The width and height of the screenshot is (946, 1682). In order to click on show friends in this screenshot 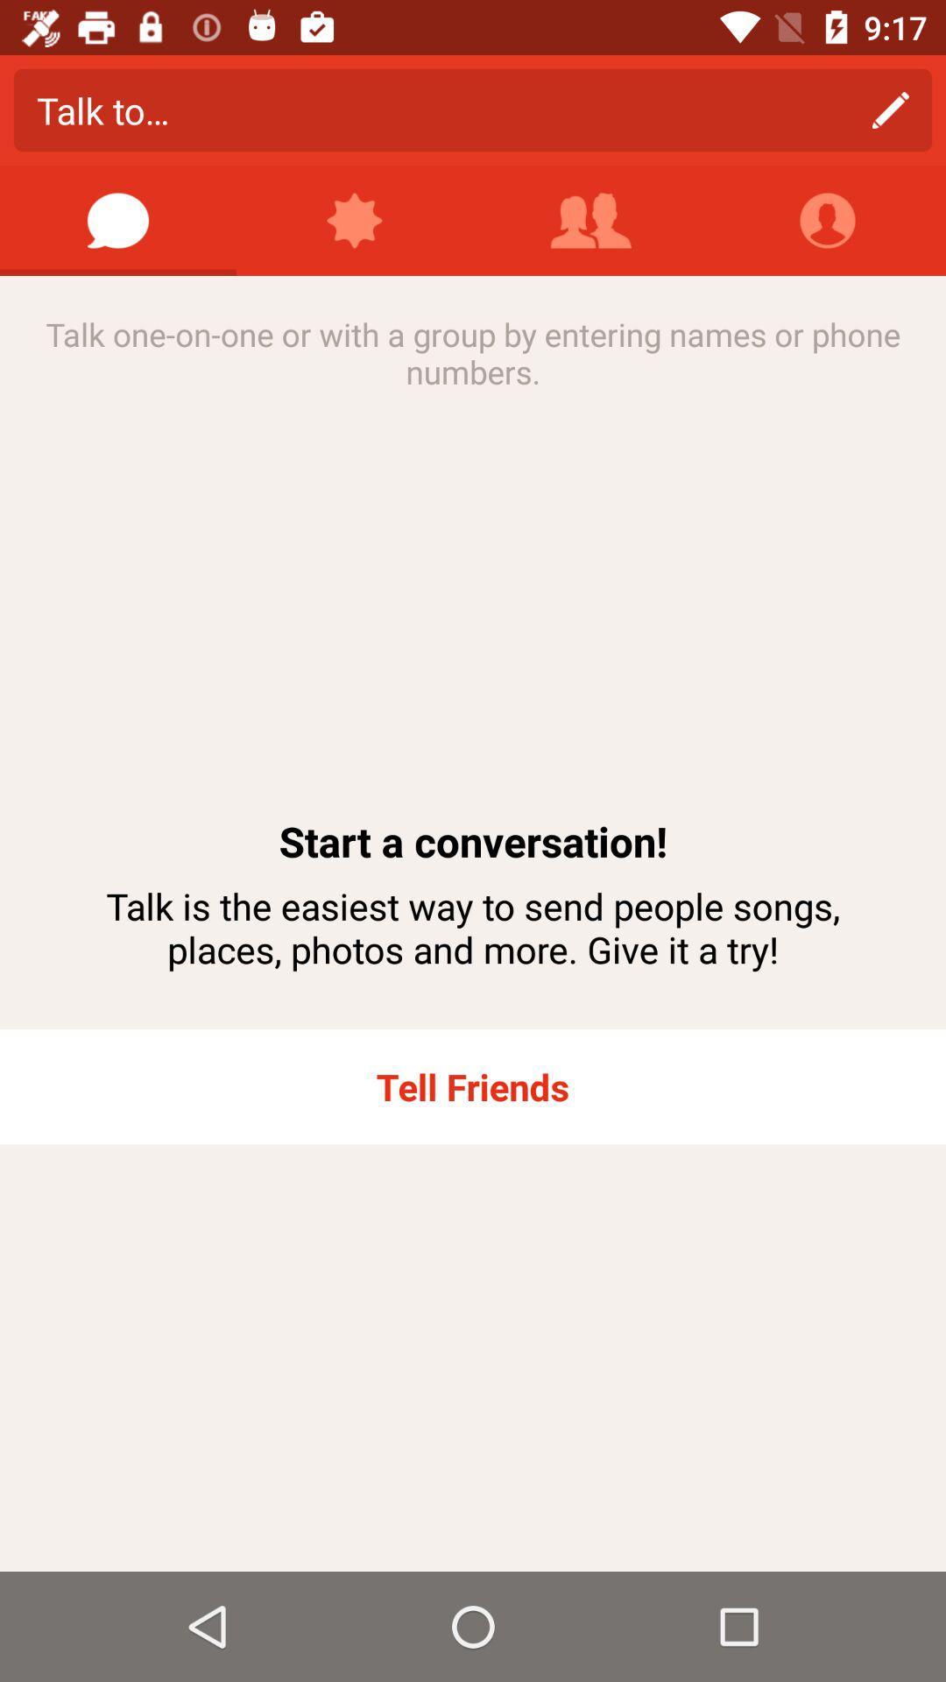, I will do `click(591, 220)`.